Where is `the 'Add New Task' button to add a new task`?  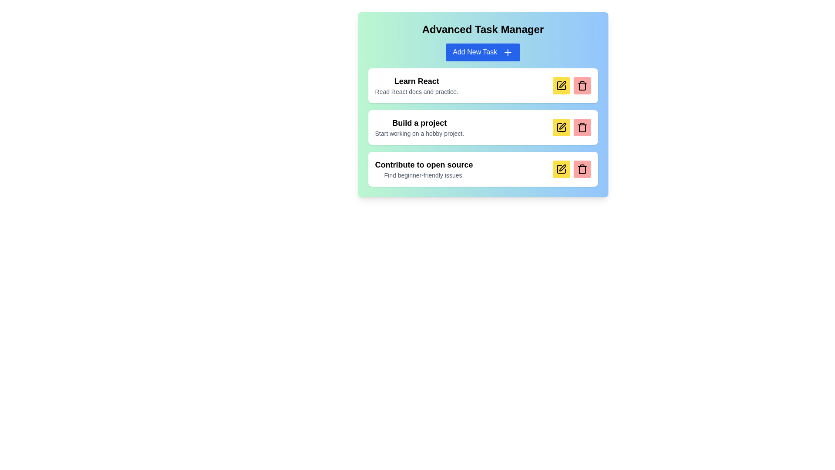 the 'Add New Task' button to add a new task is located at coordinates (482, 52).